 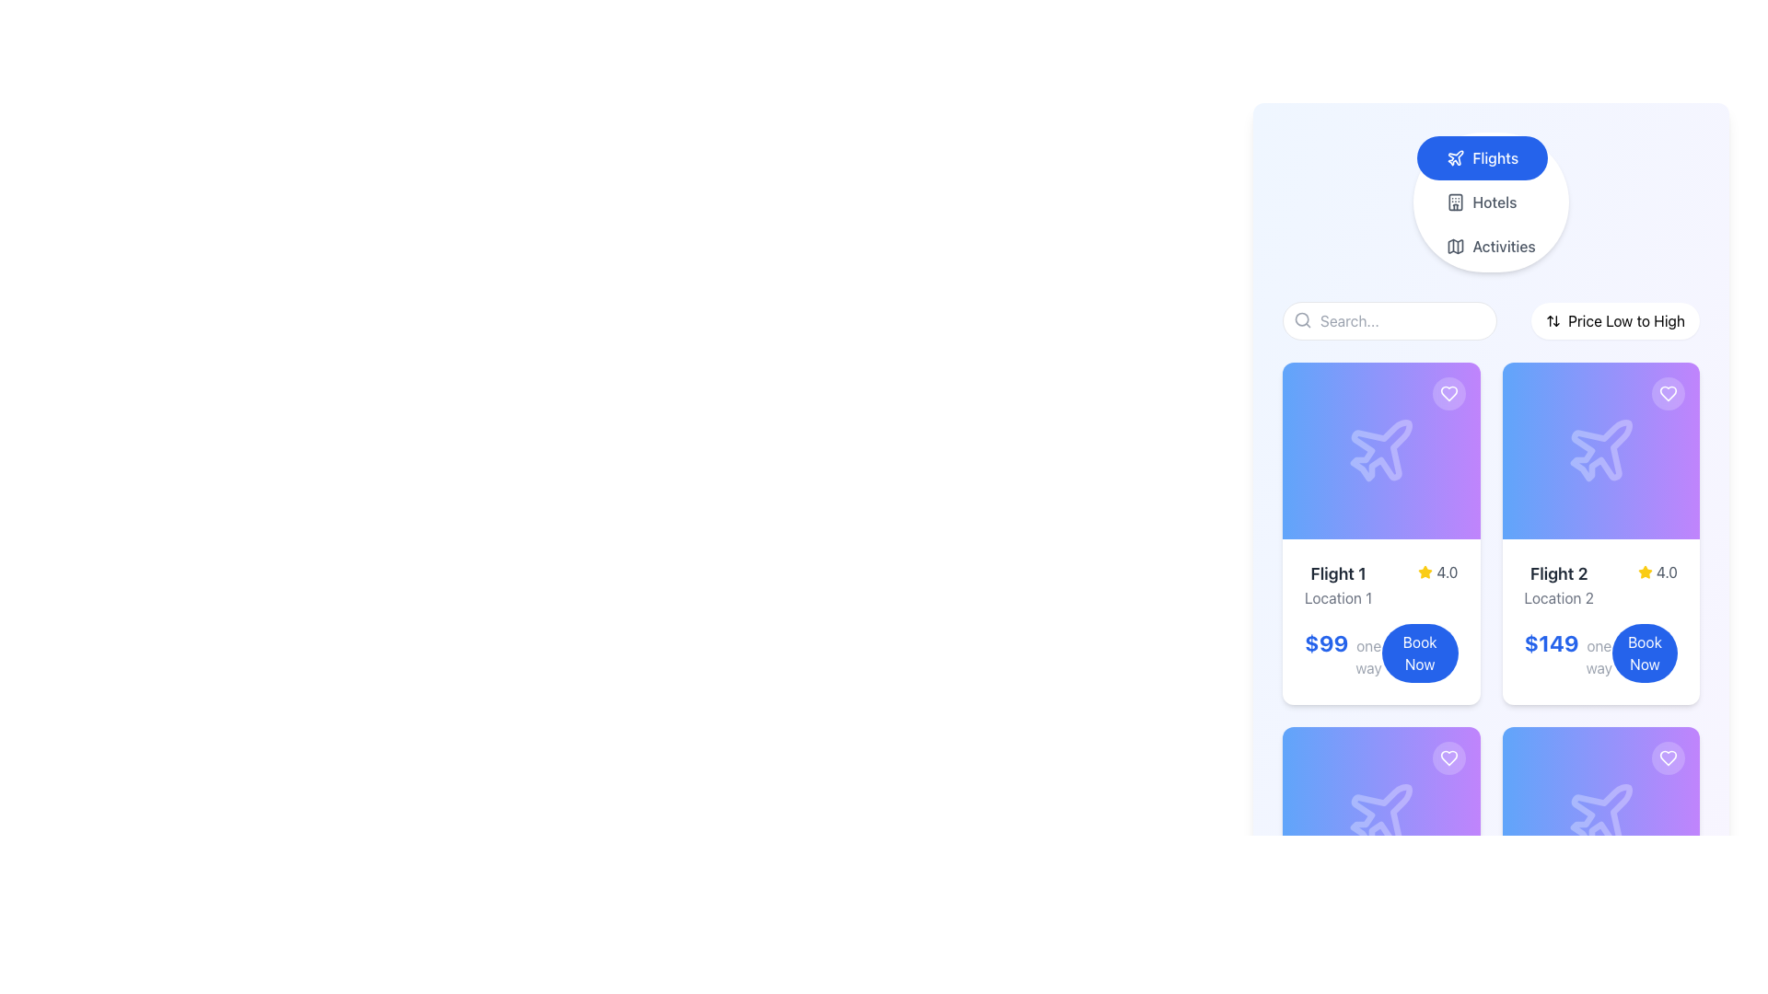 What do you see at coordinates (1338, 573) in the screenshot?
I see `the text label displaying 'Flight 1' which is prominently styled in bold, large dark gray font, located in the top-left card of the flight options grid` at bounding box center [1338, 573].